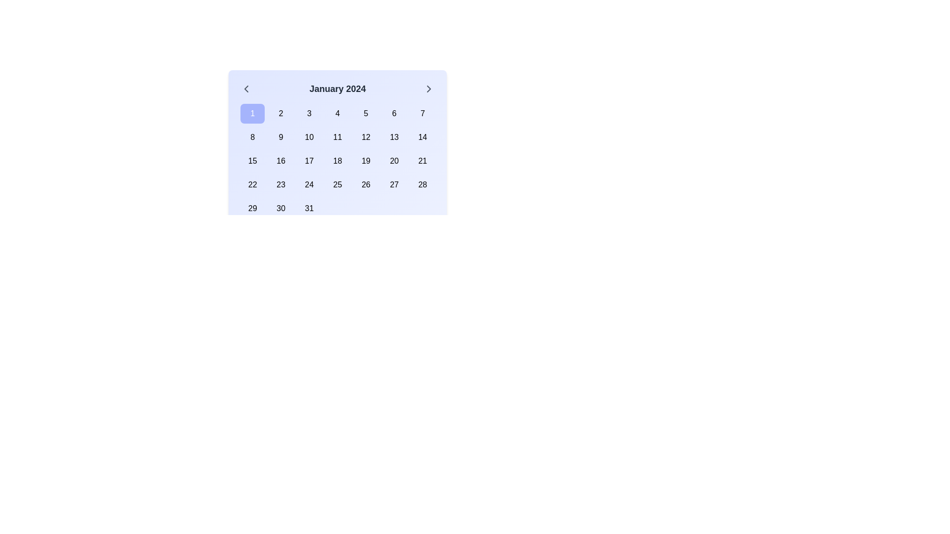 The height and width of the screenshot is (534, 950). Describe the element at coordinates (280, 113) in the screenshot. I see `the interactive button displaying the number '2' in bold font` at that location.